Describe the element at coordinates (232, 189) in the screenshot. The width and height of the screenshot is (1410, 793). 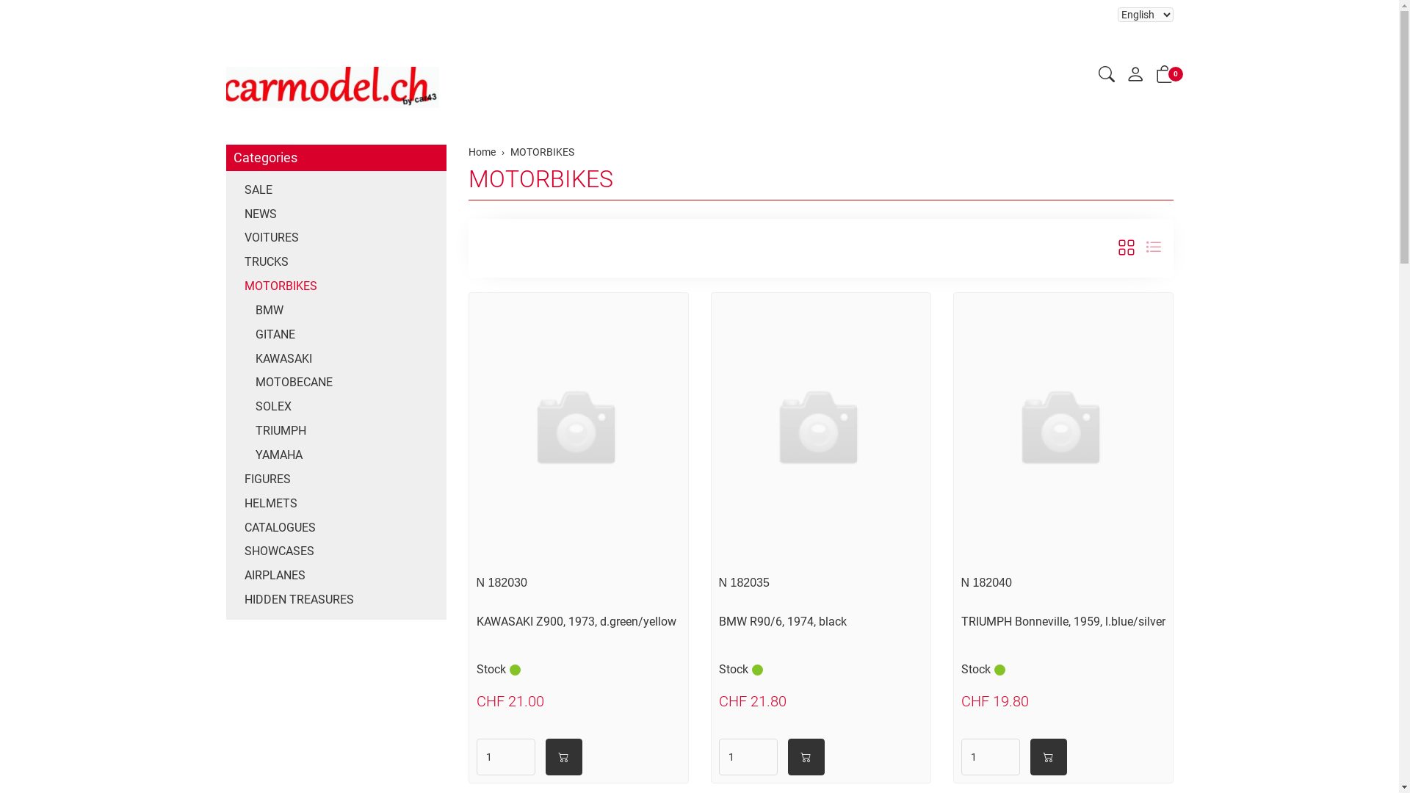
I see `'SALE'` at that location.